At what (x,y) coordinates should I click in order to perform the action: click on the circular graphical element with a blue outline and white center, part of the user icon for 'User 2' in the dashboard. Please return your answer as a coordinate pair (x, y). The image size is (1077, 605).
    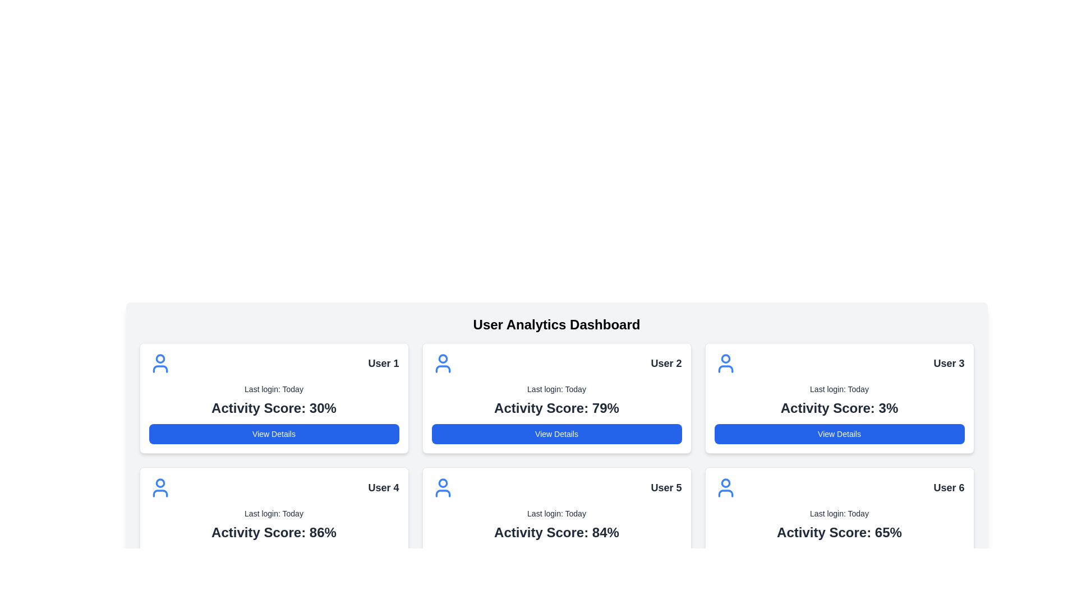
    Looking at the image, I should click on (442, 359).